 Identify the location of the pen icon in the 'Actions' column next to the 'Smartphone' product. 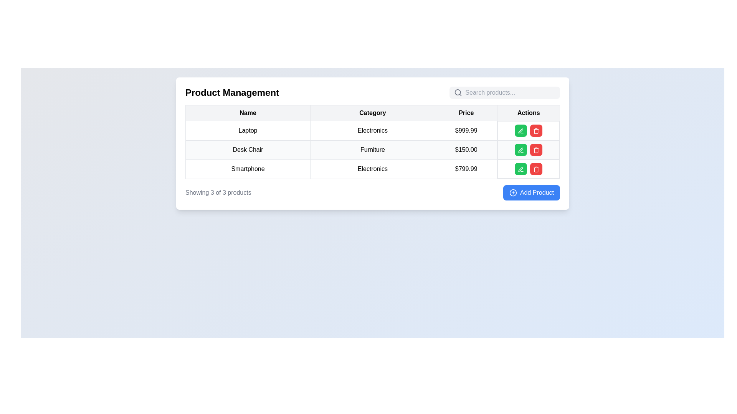
(521, 169).